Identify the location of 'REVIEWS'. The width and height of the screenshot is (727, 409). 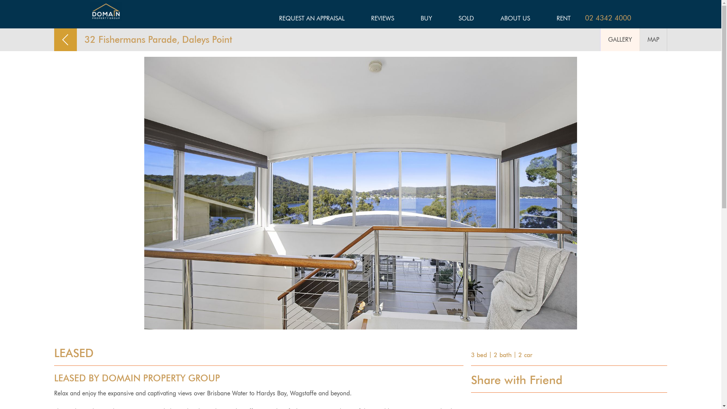
(382, 20).